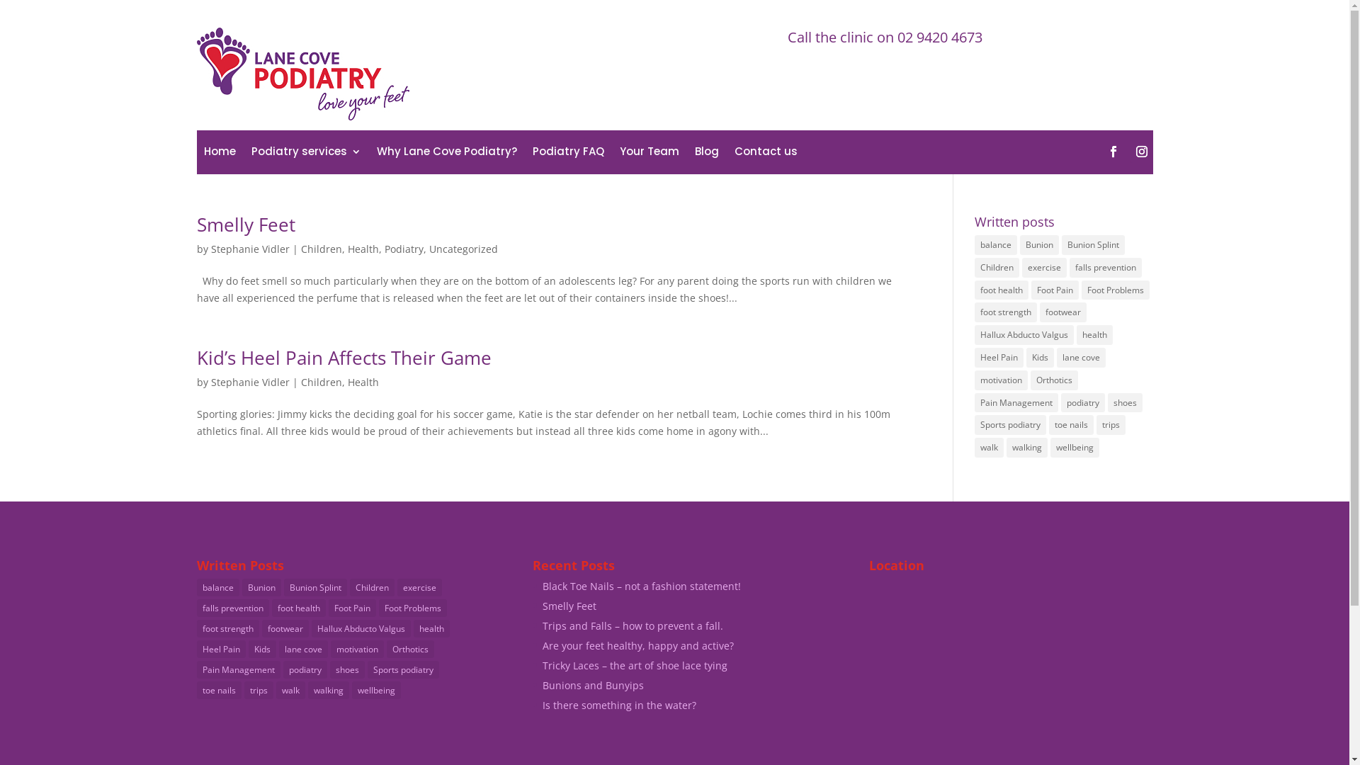 This screenshot has width=1360, height=765. I want to click on 'Podiatrist logo2', so click(302, 74).